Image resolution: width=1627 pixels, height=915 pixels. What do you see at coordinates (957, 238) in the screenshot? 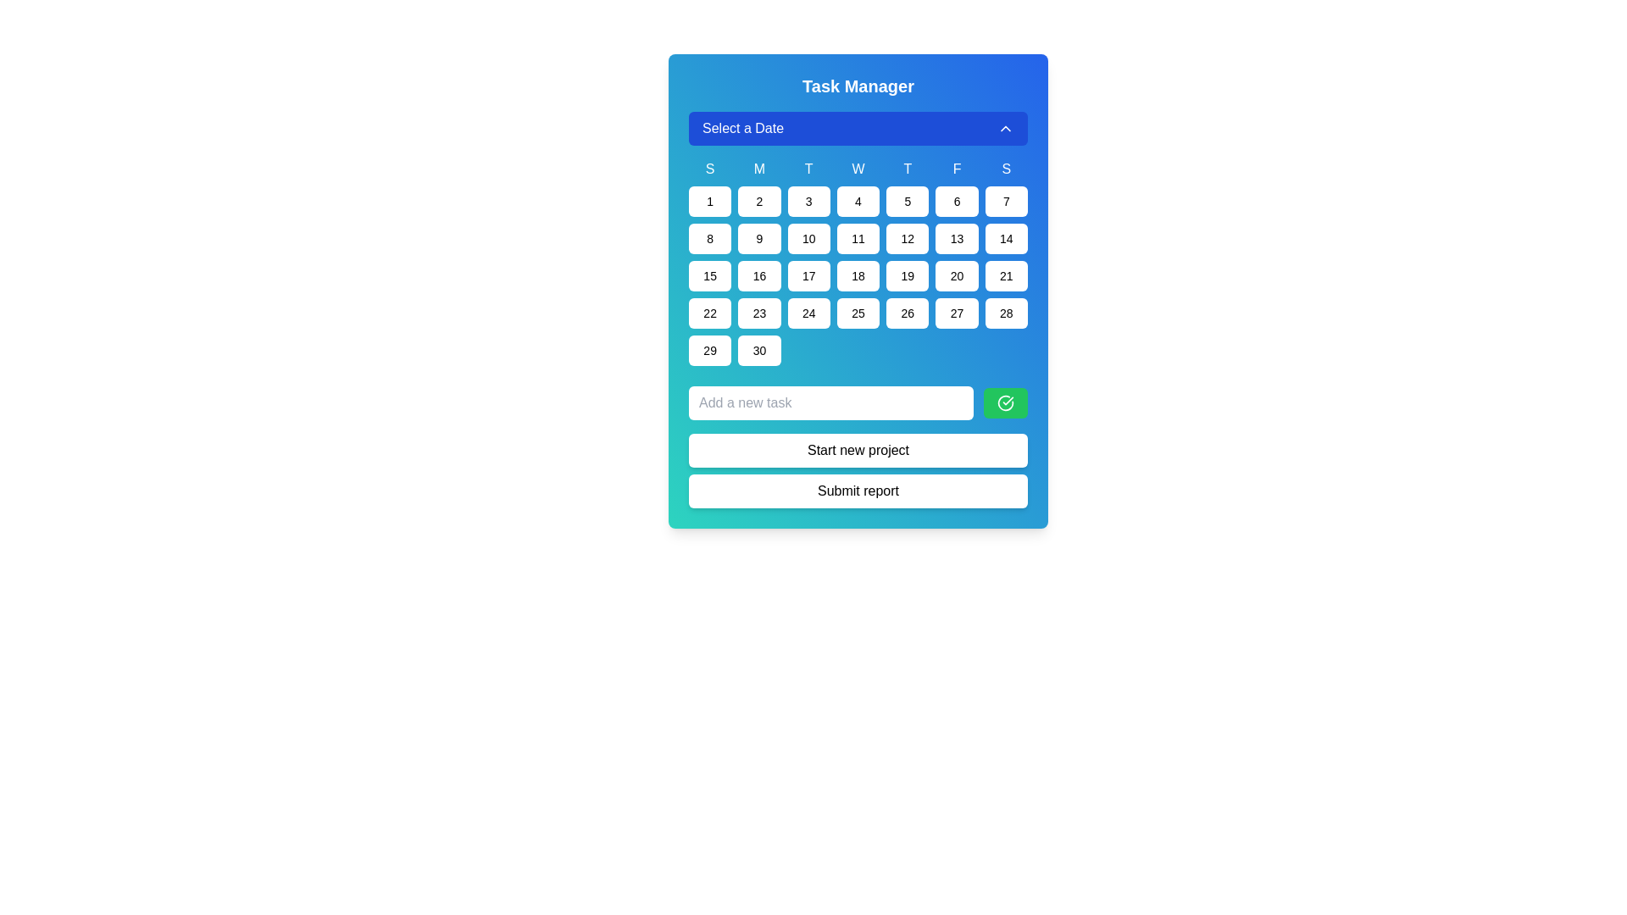
I see `the button representing the 13th day of the month in the calendar` at bounding box center [957, 238].